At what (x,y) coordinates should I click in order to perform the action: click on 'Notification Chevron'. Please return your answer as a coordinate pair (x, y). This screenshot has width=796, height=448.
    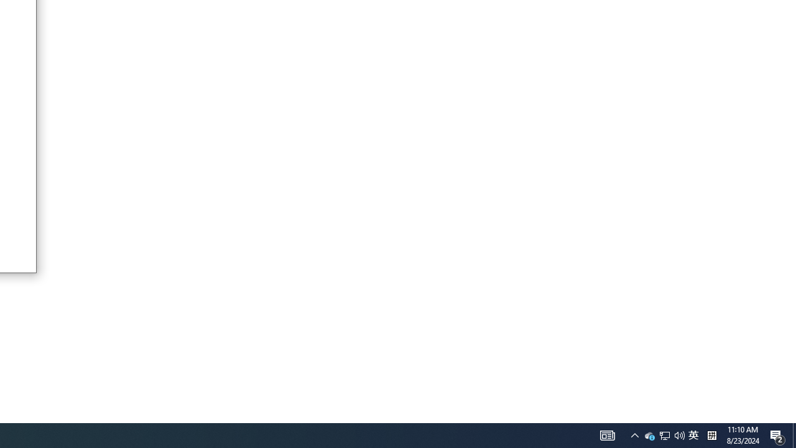
    Looking at the image, I should click on (634, 434).